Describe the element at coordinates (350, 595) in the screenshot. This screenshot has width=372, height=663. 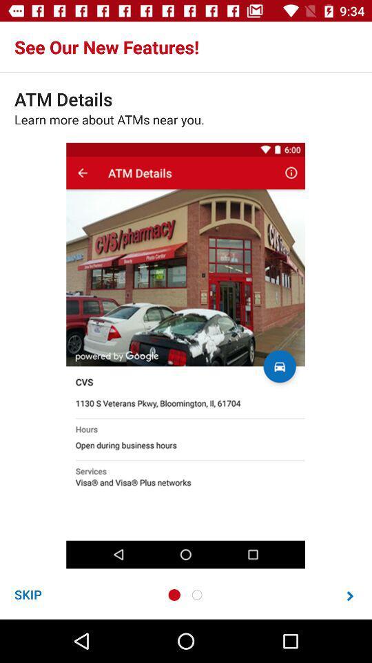
I see `item at the bottom right corner` at that location.